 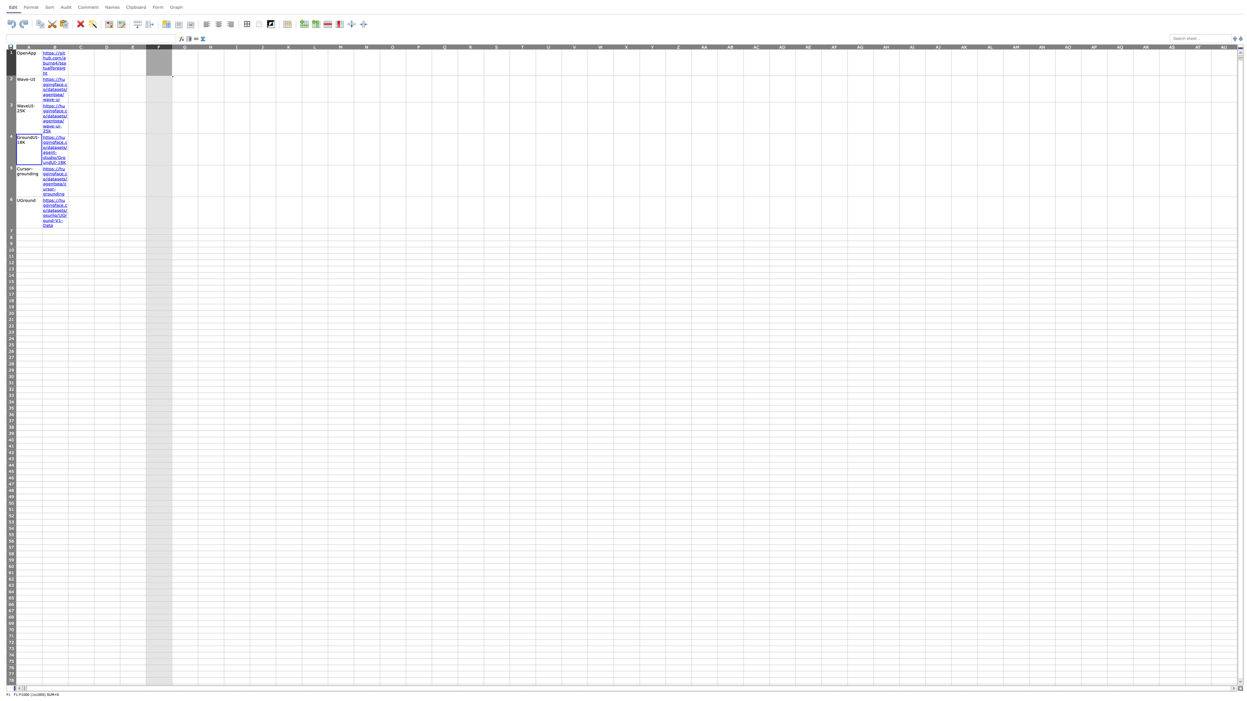 What do you see at coordinates (340, 46) in the screenshot?
I see `Place cursor on column M` at bounding box center [340, 46].